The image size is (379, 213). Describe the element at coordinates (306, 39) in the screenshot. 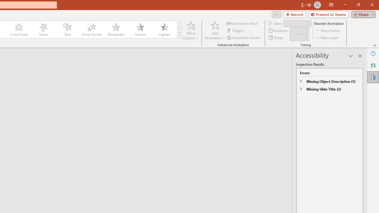

I see `'Less'` at that location.